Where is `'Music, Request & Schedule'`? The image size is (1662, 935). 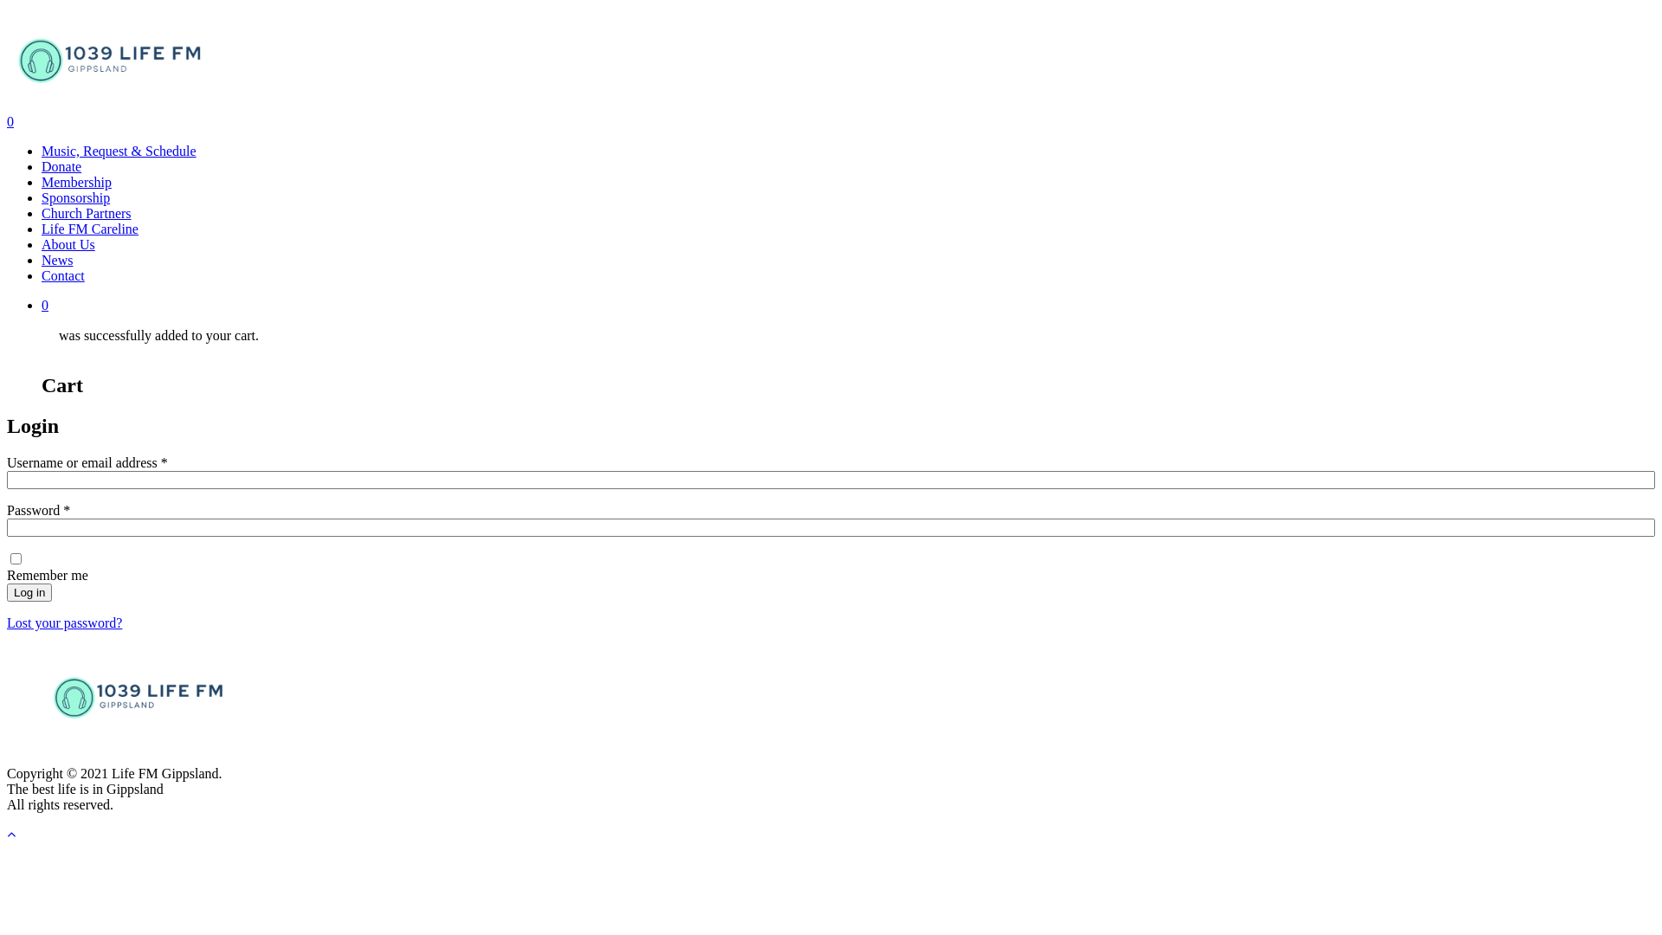
'Music, Request & Schedule' is located at coordinates (42, 150).